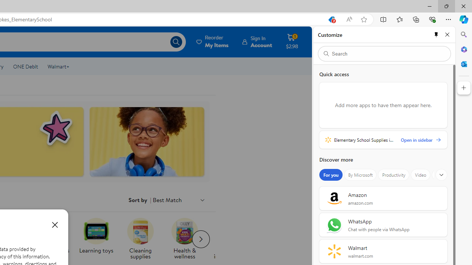 Image resolution: width=472 pixels, height=265 pixels. Describe the element at coordinates (393, 175) in the screenshot. I see `'Productivity'` at that location.